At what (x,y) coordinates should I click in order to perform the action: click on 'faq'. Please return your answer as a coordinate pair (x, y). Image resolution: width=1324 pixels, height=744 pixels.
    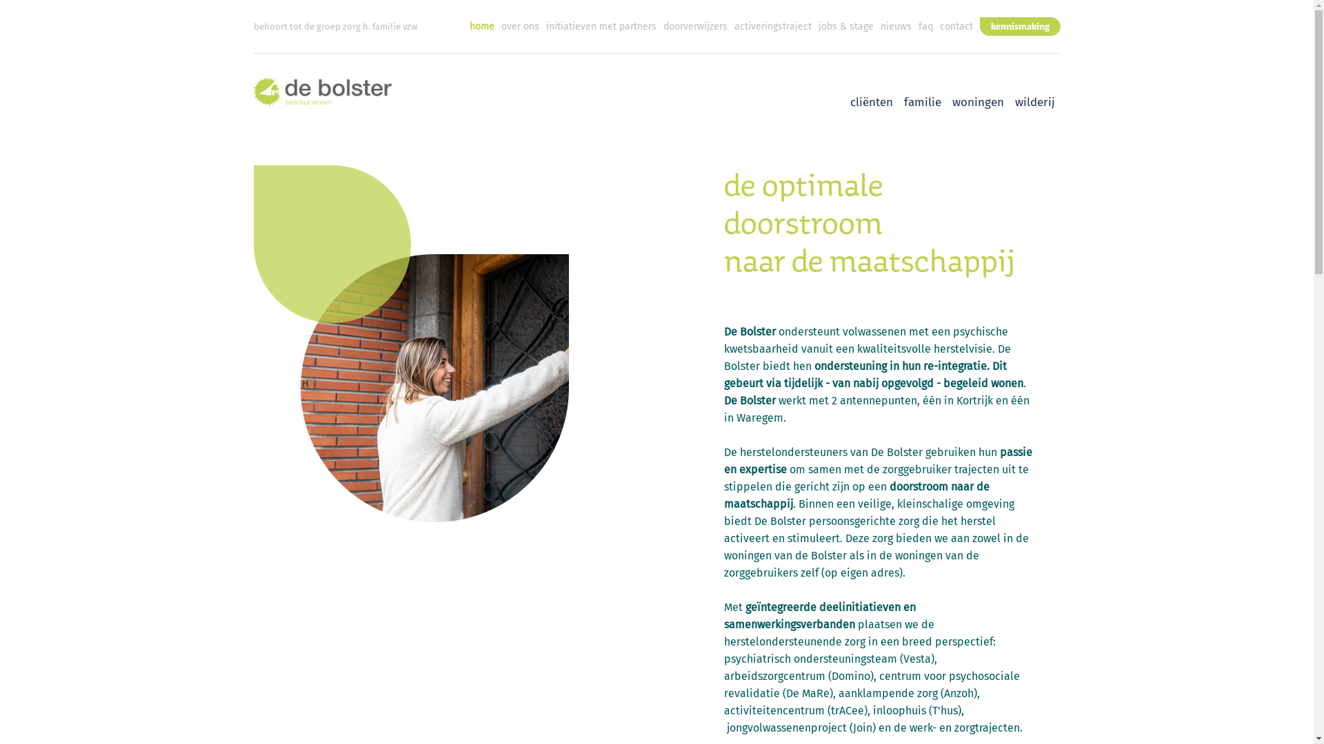
    Looking at the image, I should click on (925, 26).